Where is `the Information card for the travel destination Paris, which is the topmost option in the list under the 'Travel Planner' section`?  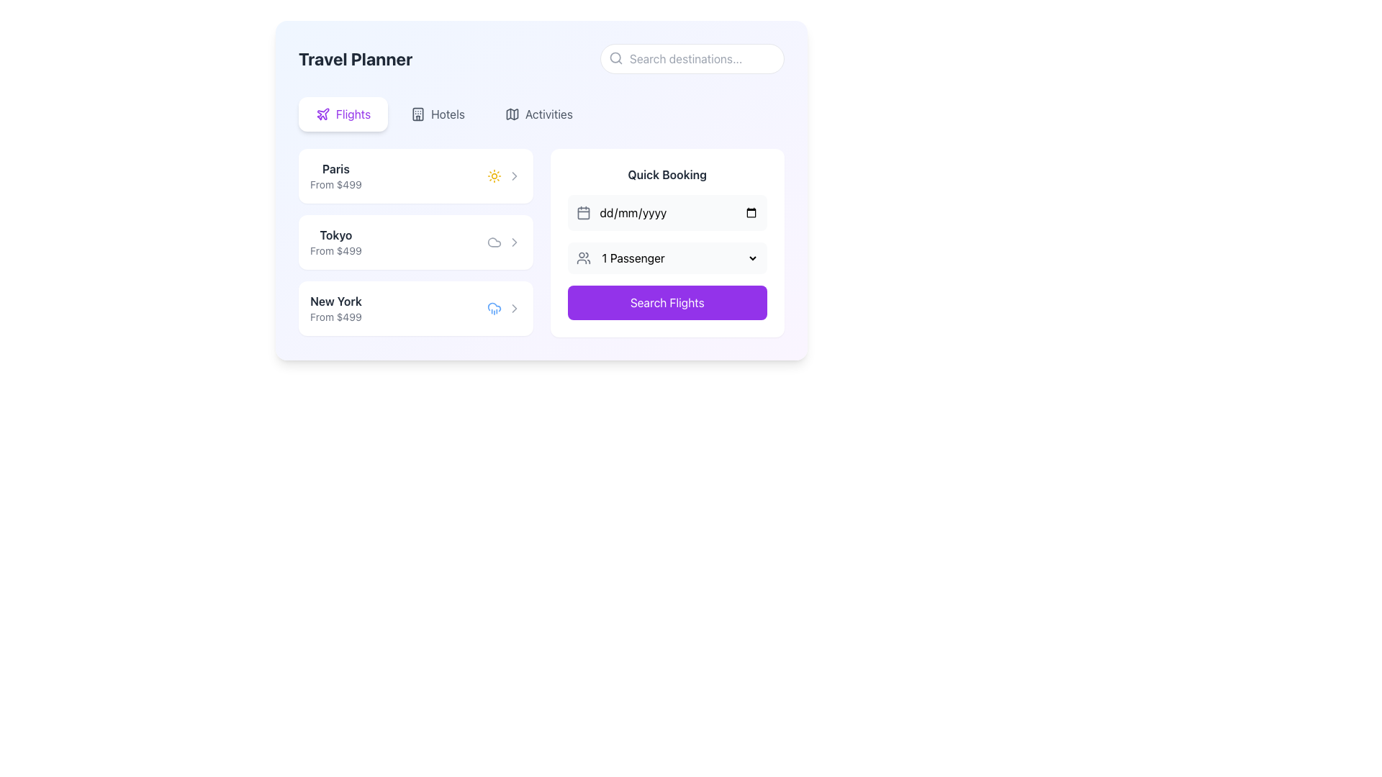 the Information card for the travel destination Paris, which is the topmost option in the list under the 'Travel Planner' section is located at coordinates (415, 176).